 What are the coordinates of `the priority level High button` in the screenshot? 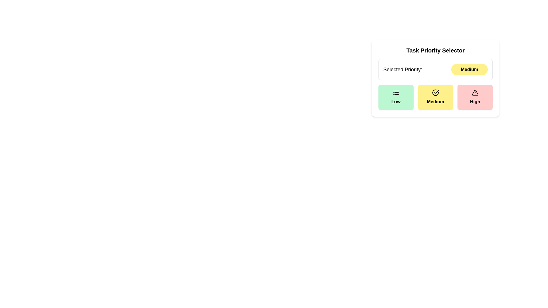 It's located at (475, 97).